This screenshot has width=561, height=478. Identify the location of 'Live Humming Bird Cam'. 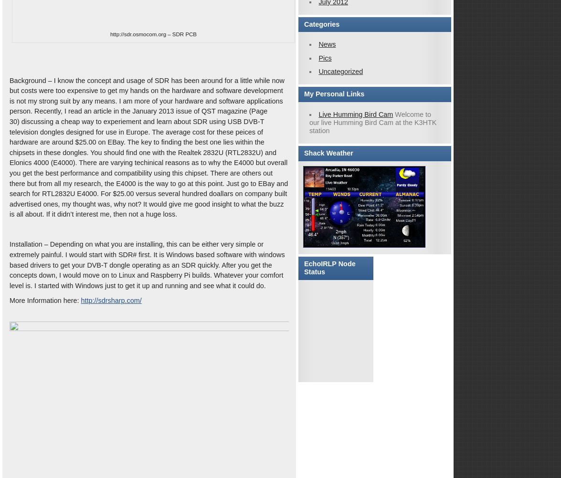
(355, 114).